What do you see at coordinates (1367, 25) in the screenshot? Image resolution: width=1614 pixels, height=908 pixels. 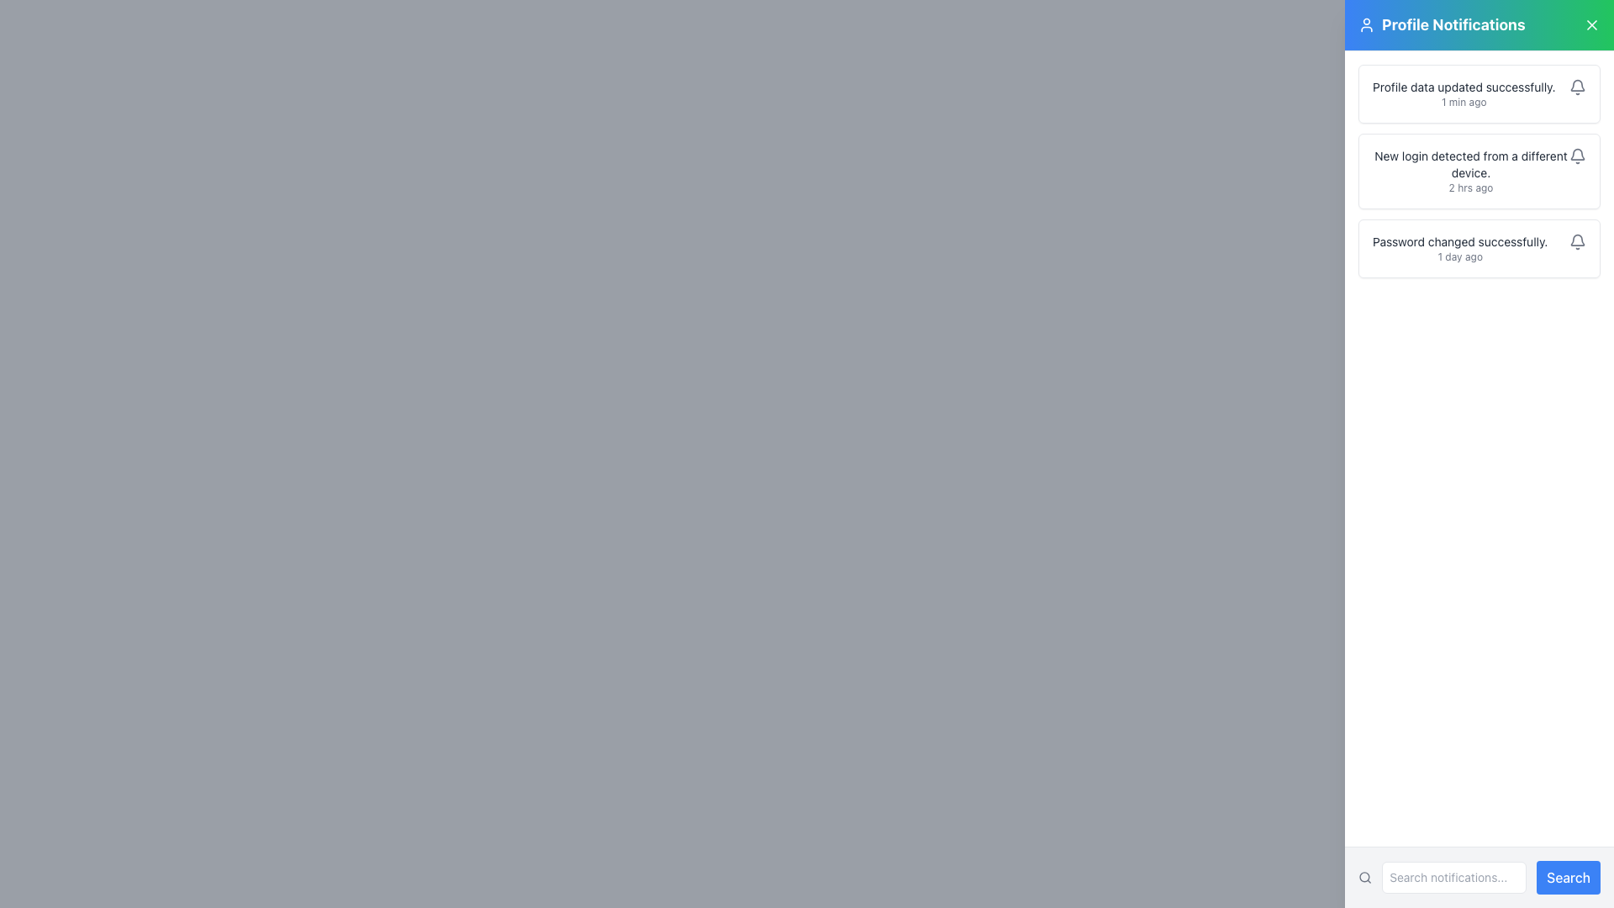 I see `the user profile icon located at the upper-left corner of the notification panel, preceding the text 'Profile Notifications'` at bounding box center [1367, 25].